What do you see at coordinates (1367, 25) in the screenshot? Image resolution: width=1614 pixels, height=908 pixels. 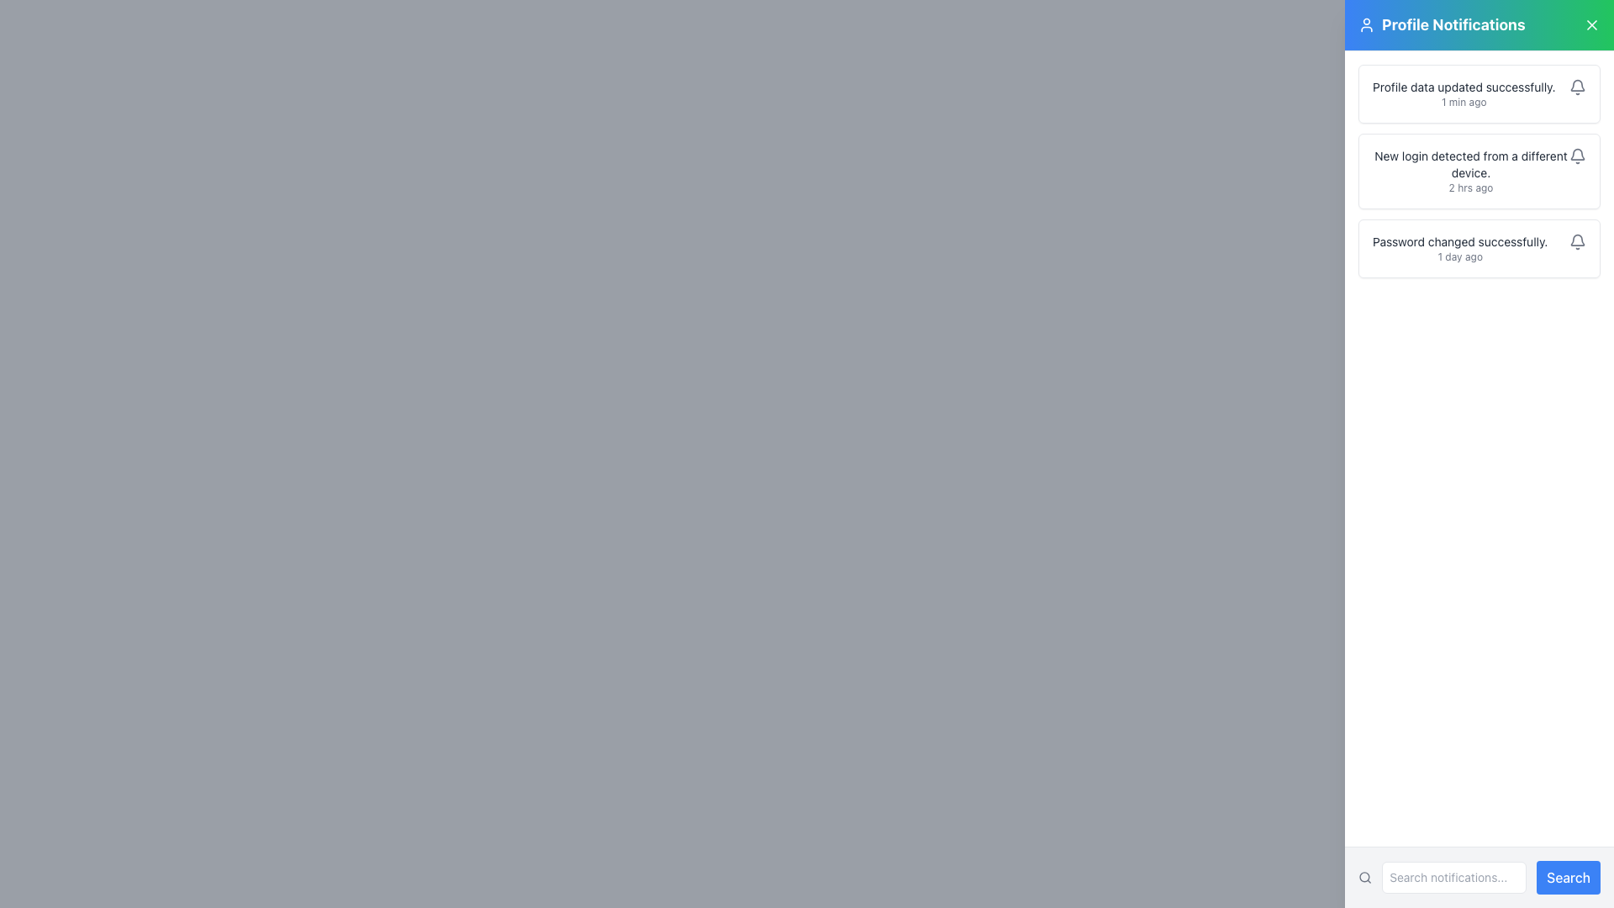 I see `the user profile icon located at the upper-left corner of the notification panel, preceding the text 'Profile Notifications'` at bounding box center [1367, 25].